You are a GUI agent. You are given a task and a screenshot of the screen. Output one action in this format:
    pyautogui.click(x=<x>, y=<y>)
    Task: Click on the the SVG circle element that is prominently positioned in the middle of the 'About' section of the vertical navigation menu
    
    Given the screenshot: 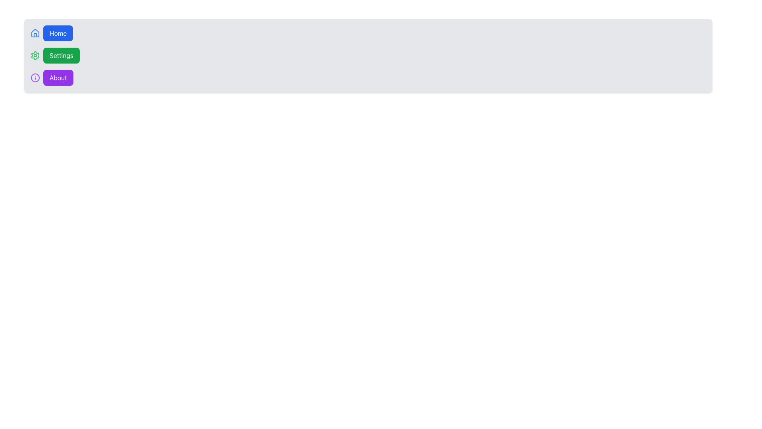 What is the action you would take?
    pyautogui.click(x=35, y=78)
    